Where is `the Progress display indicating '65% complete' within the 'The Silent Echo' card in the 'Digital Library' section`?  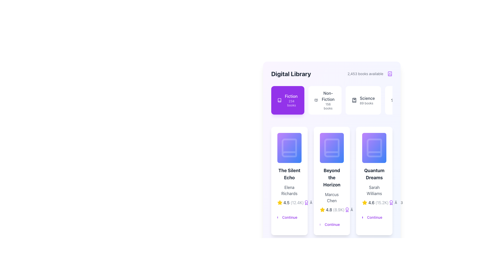
the Progress display indicating '65% complete' within the 'The Silent Echo' card in the 'Digital Library' section is located at coordinates (289, 148).